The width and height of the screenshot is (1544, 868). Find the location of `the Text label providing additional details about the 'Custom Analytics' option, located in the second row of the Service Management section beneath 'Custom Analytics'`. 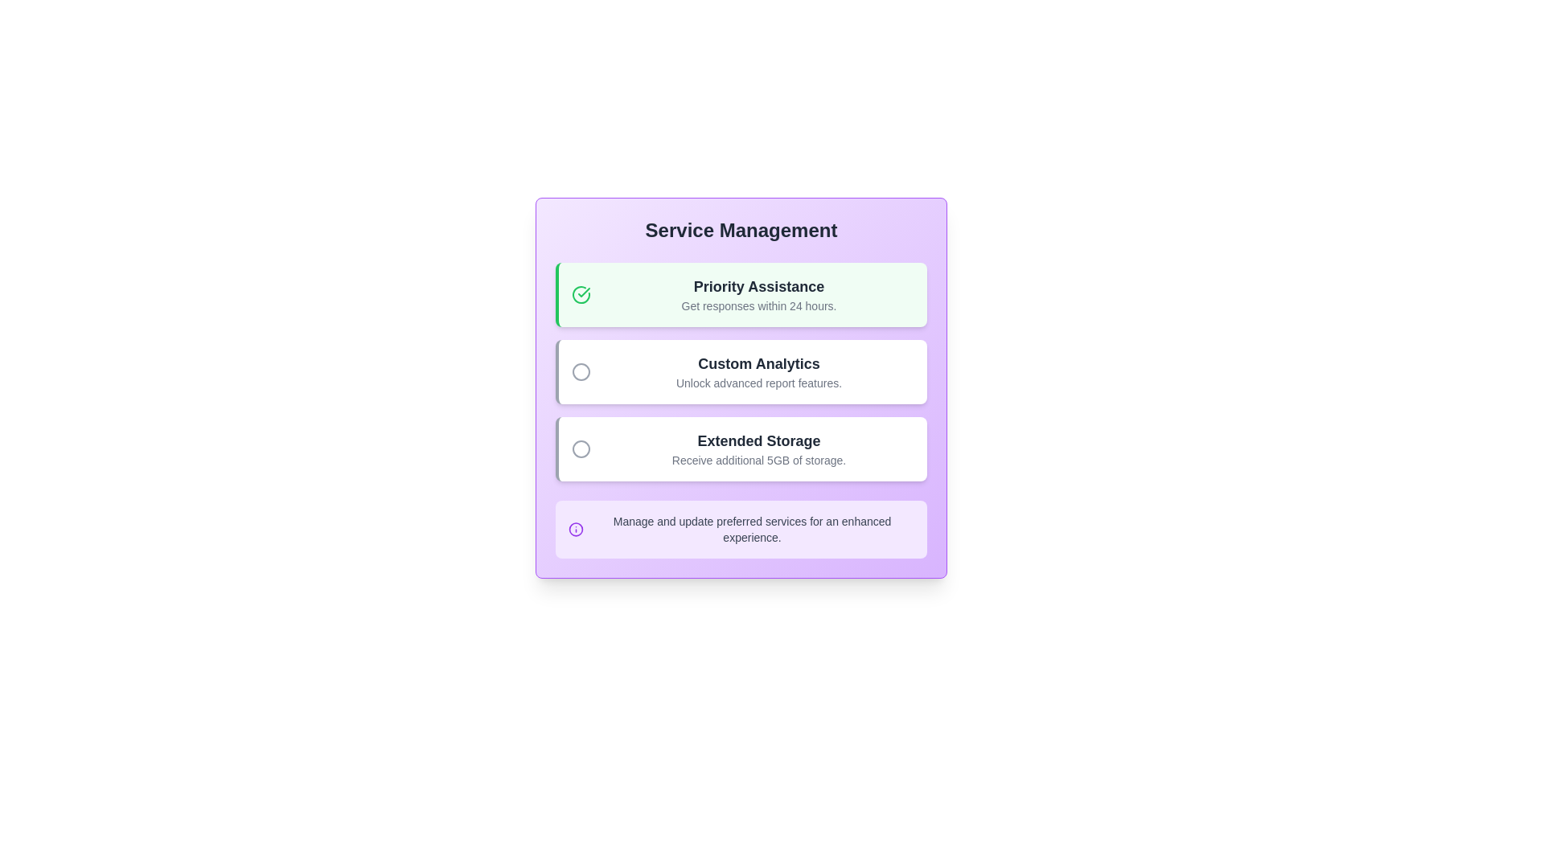

the Text label providing additional details about the 'Custom Analytics' option, located in the second row of the Service Management section beneath 'Custom Analytics' is located at coordinates (758, 383).